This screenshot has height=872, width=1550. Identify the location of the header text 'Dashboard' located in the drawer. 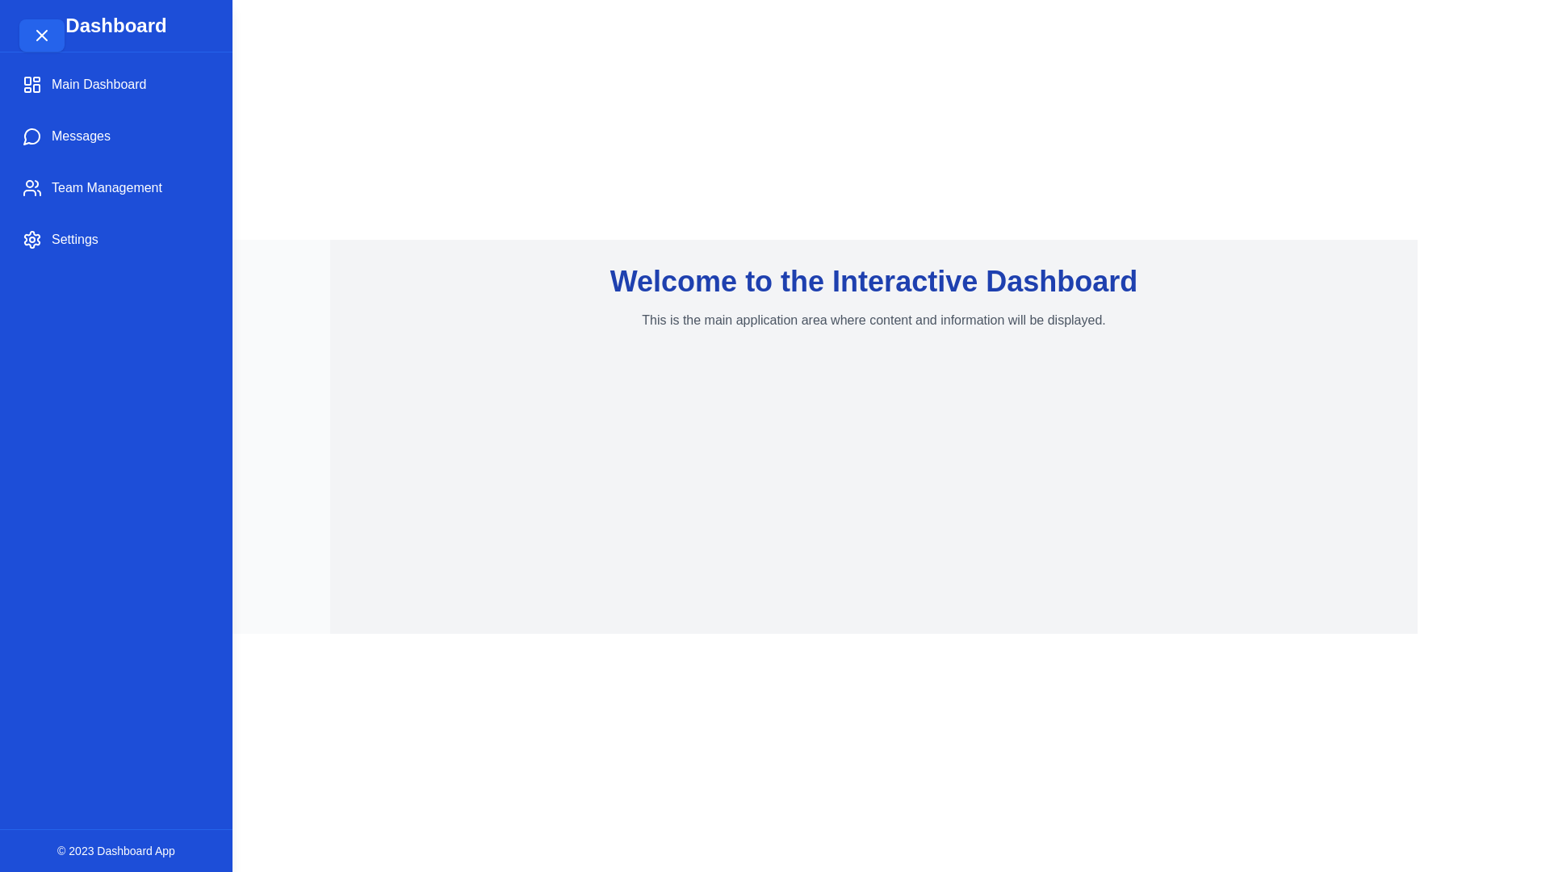
(115, 25).